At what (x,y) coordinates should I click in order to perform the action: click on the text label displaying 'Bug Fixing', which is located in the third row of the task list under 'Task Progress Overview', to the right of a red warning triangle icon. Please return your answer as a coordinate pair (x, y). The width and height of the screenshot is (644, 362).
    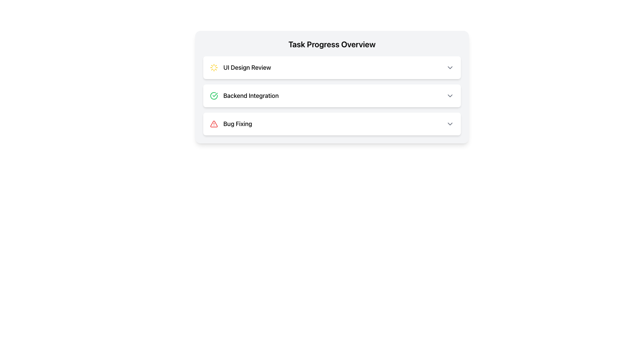
    Looking at the image, I should click on (237, 124).